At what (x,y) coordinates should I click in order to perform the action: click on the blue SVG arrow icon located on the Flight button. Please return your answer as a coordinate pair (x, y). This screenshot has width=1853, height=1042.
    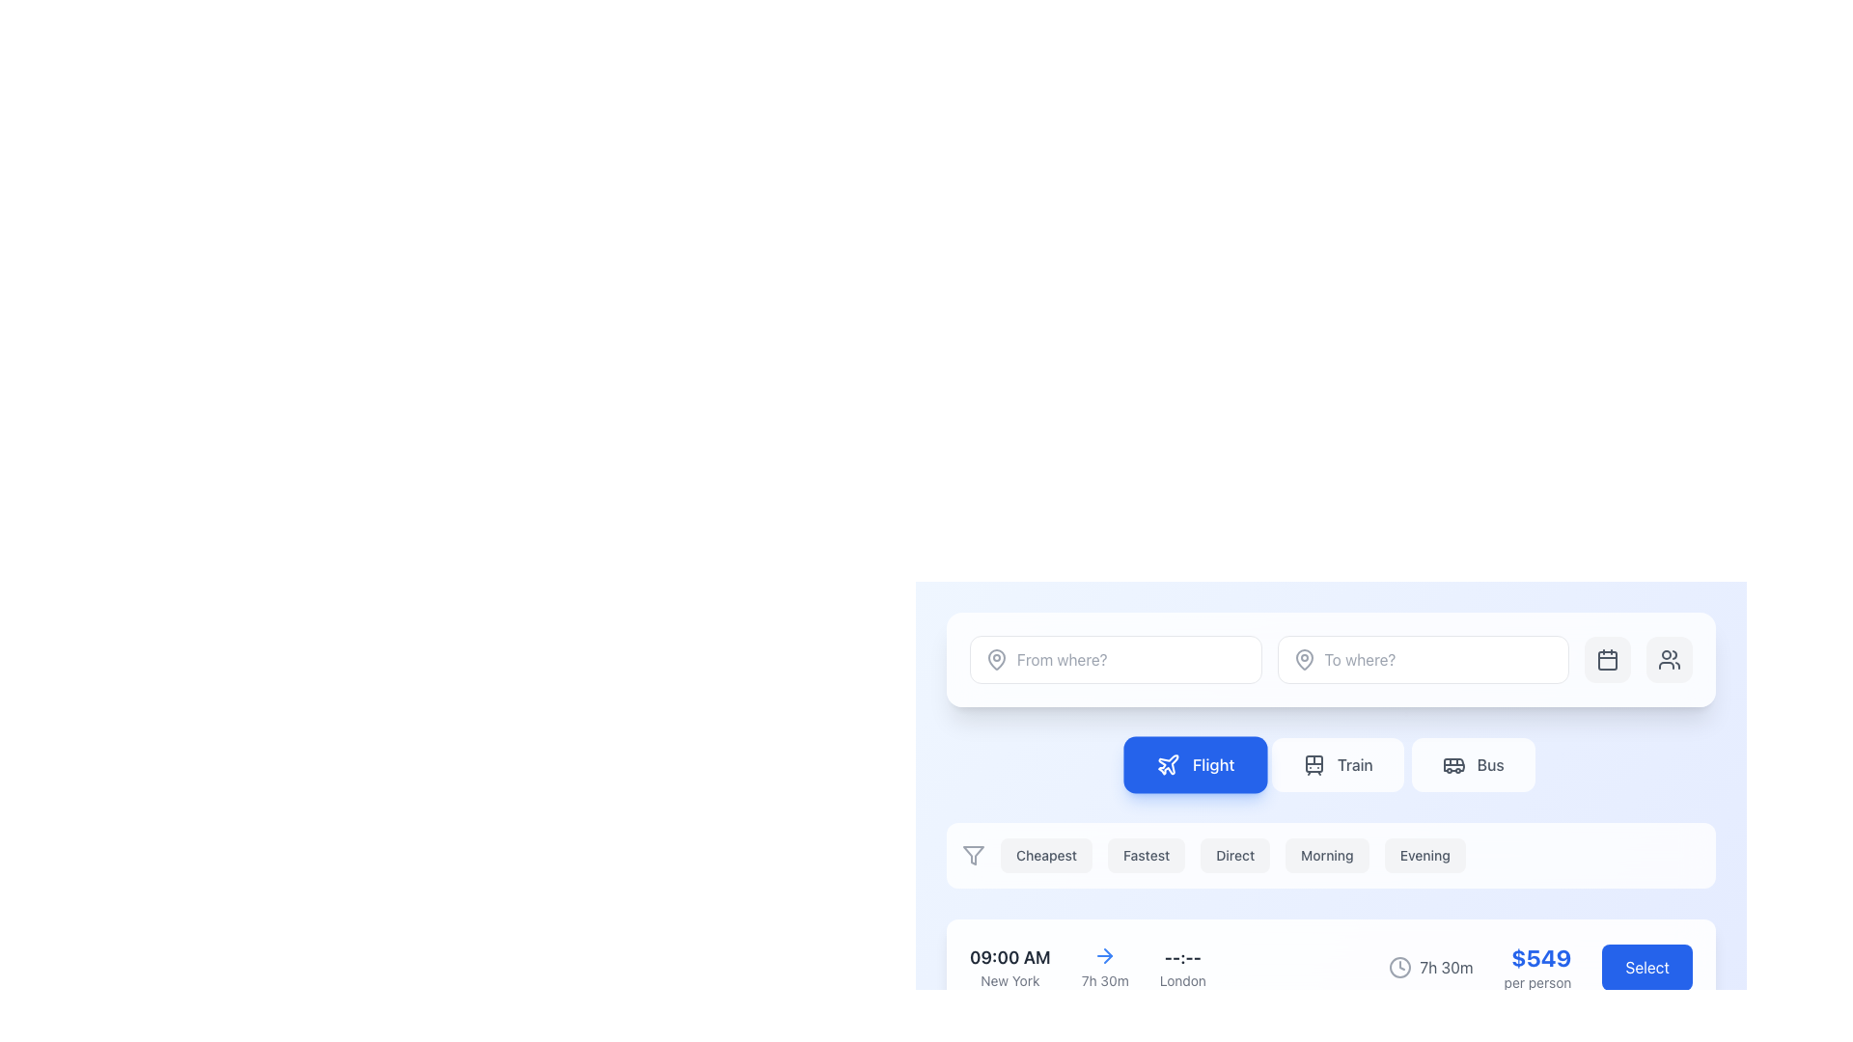
    Looking at the image, I should click on (1108, 956).